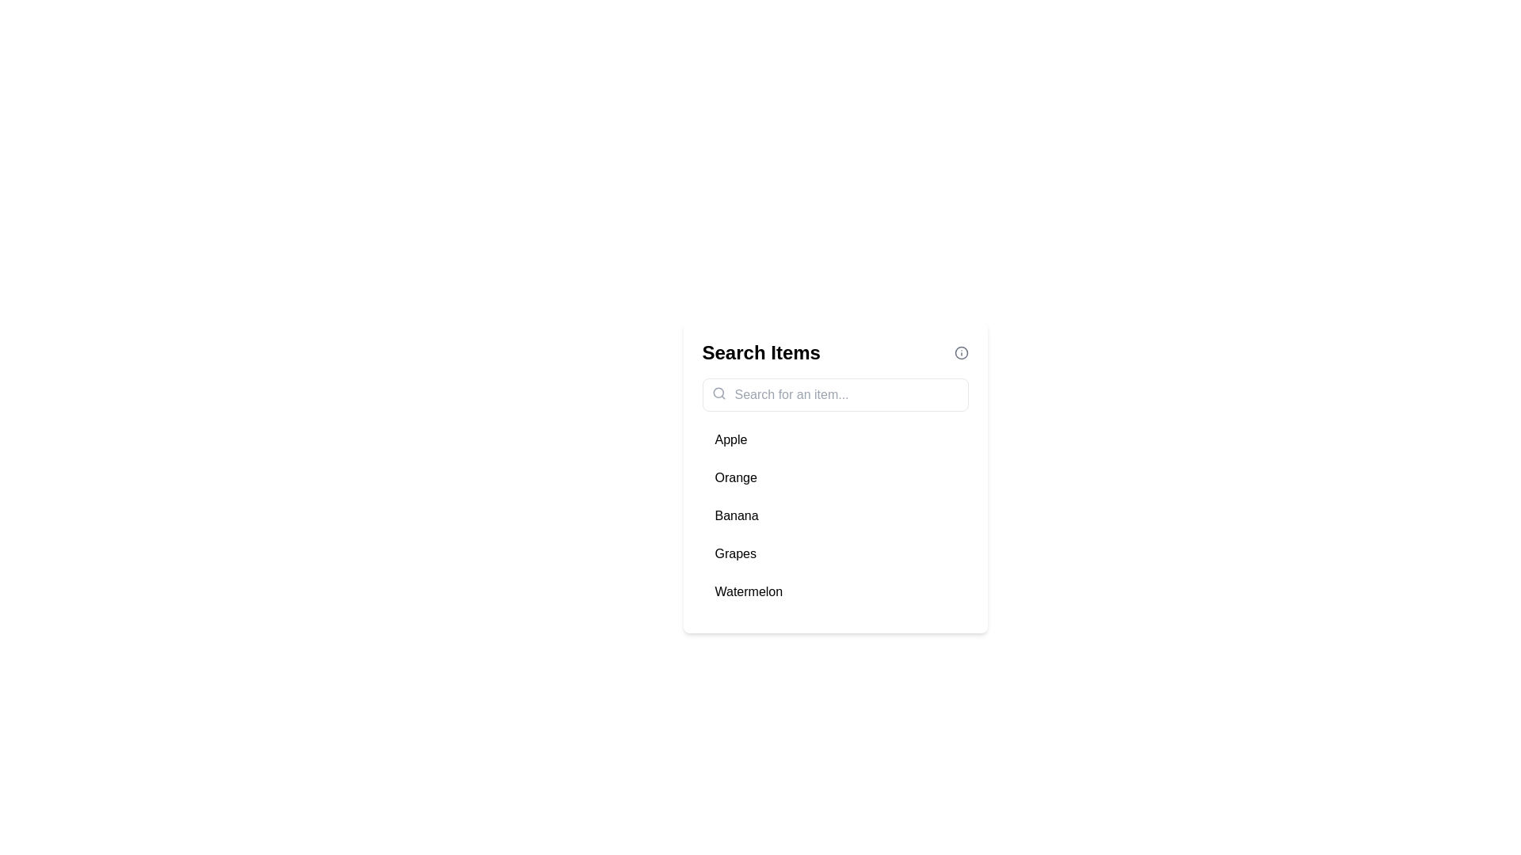 The width and height of the screenshot is (1521, 855). Describe the element at coordinates (834, 592) in the screenshot. I see `the item Watermelon from the list` at that location.